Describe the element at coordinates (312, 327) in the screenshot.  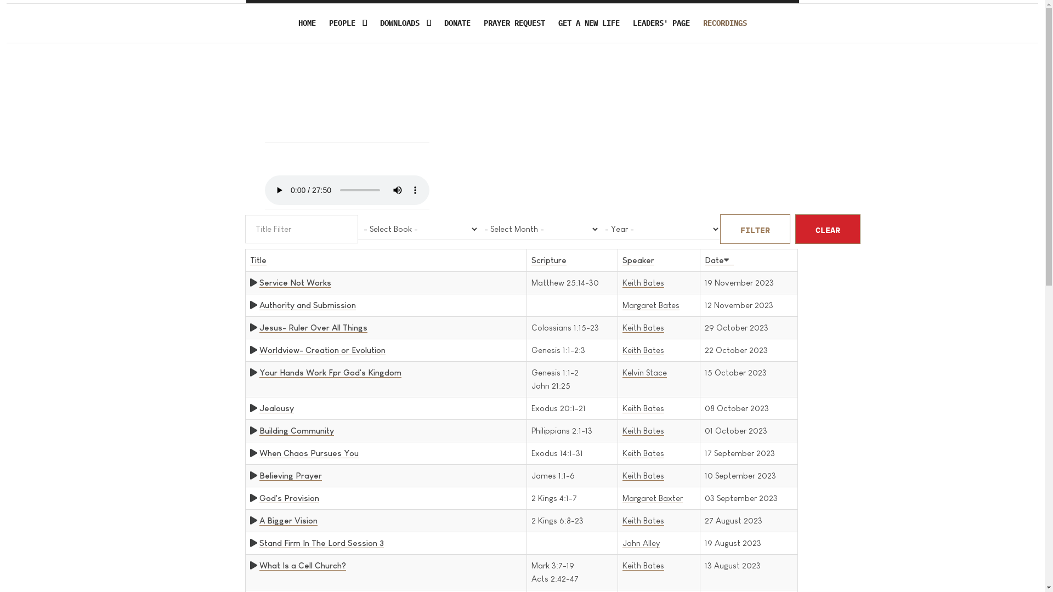
I see `'Jesus- Ruler Over All Things'` at that location.